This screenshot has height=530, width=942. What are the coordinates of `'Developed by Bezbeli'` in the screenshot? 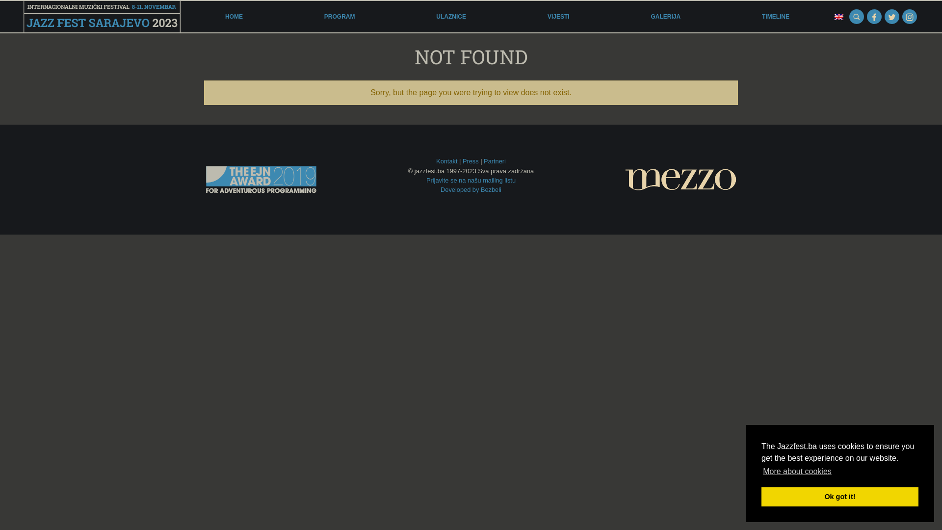 It's located at (471, 189).